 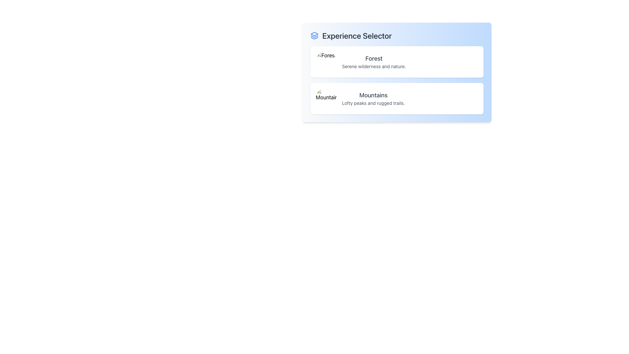 I want to click on on the compound text block element titled 'Mountains' that includes the description 'Lofty peaks and rugged trails' located in the lower card of the two horizontally aligned cards, so click(x=373, y=98).